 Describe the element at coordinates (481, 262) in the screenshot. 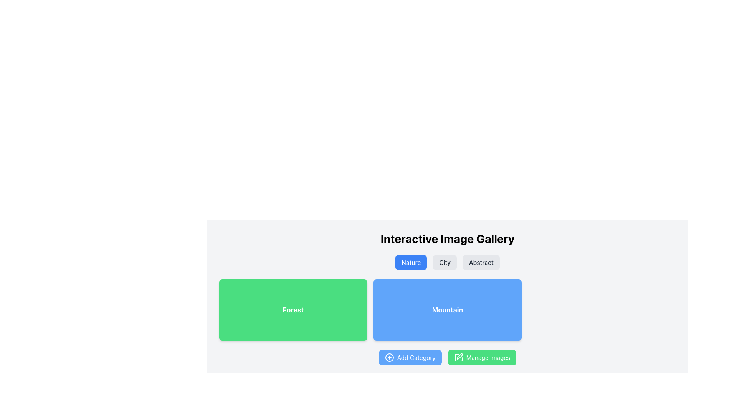

I see `the 'Abstract' button, which is a rectangular button with rounded corners, light gray background, and dark gray text` at that location.